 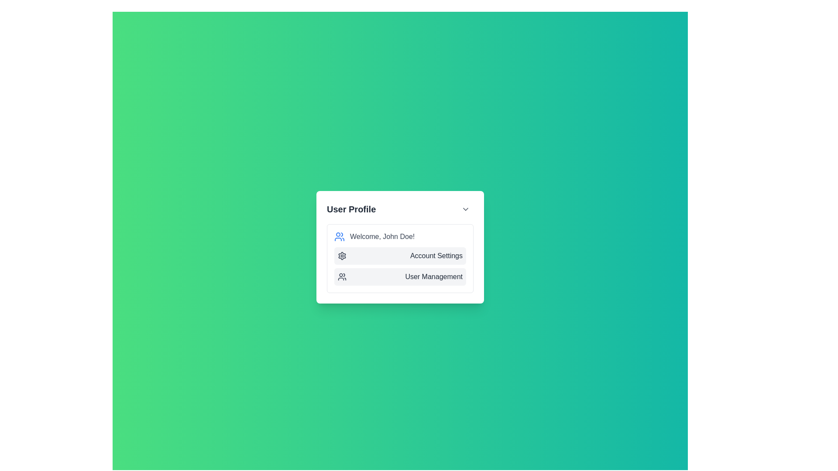 I want to click on welcome message displayed in the combined text and icon component located at the top of the user profile section, so click(x=399, y=237).